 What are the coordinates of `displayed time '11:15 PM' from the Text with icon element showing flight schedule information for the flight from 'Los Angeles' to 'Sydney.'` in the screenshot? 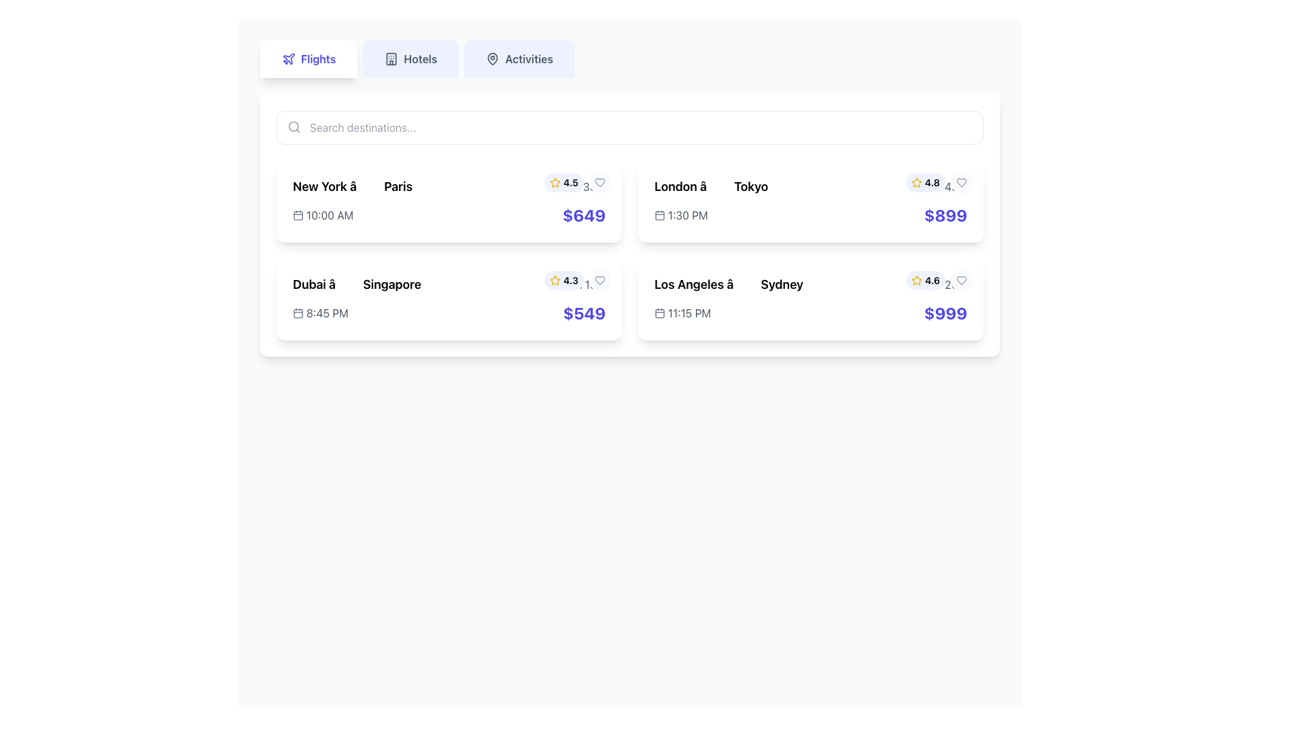 It's located at (682, 313).